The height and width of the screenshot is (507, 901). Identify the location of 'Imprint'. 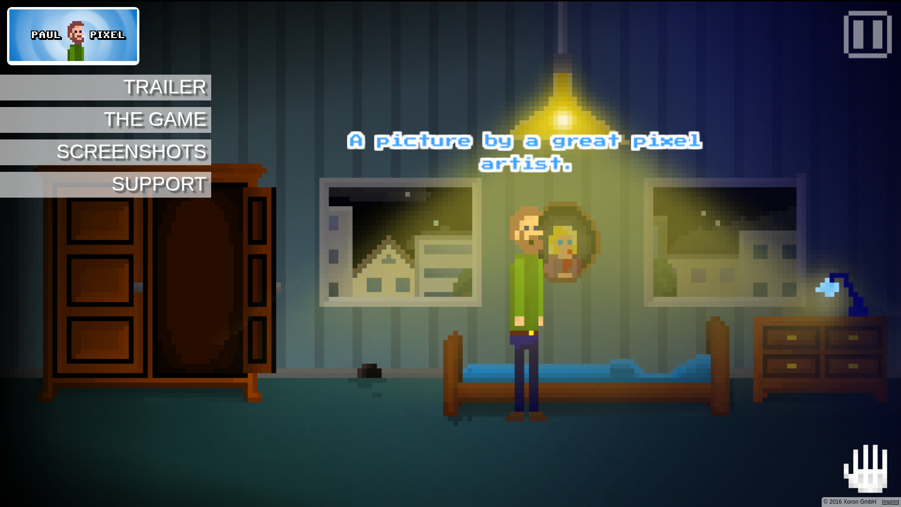
(890, 501).